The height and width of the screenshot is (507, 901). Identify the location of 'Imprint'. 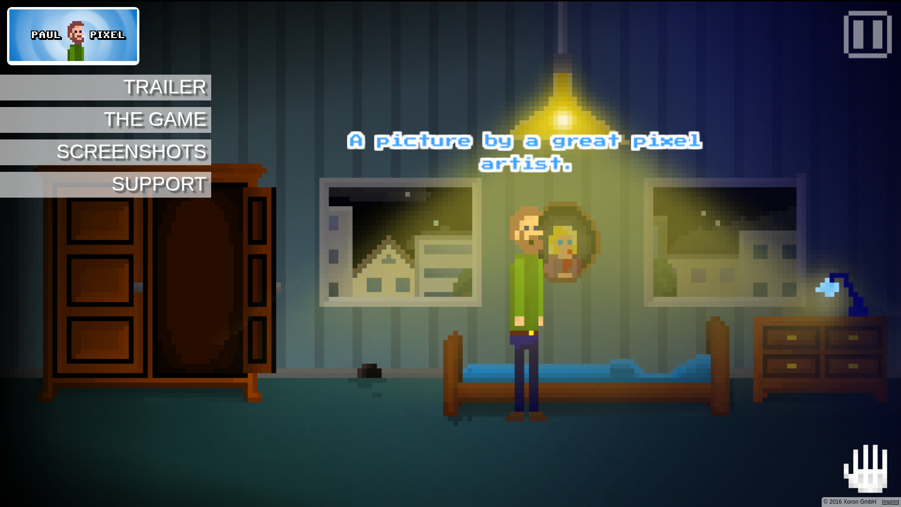
(890, 501).